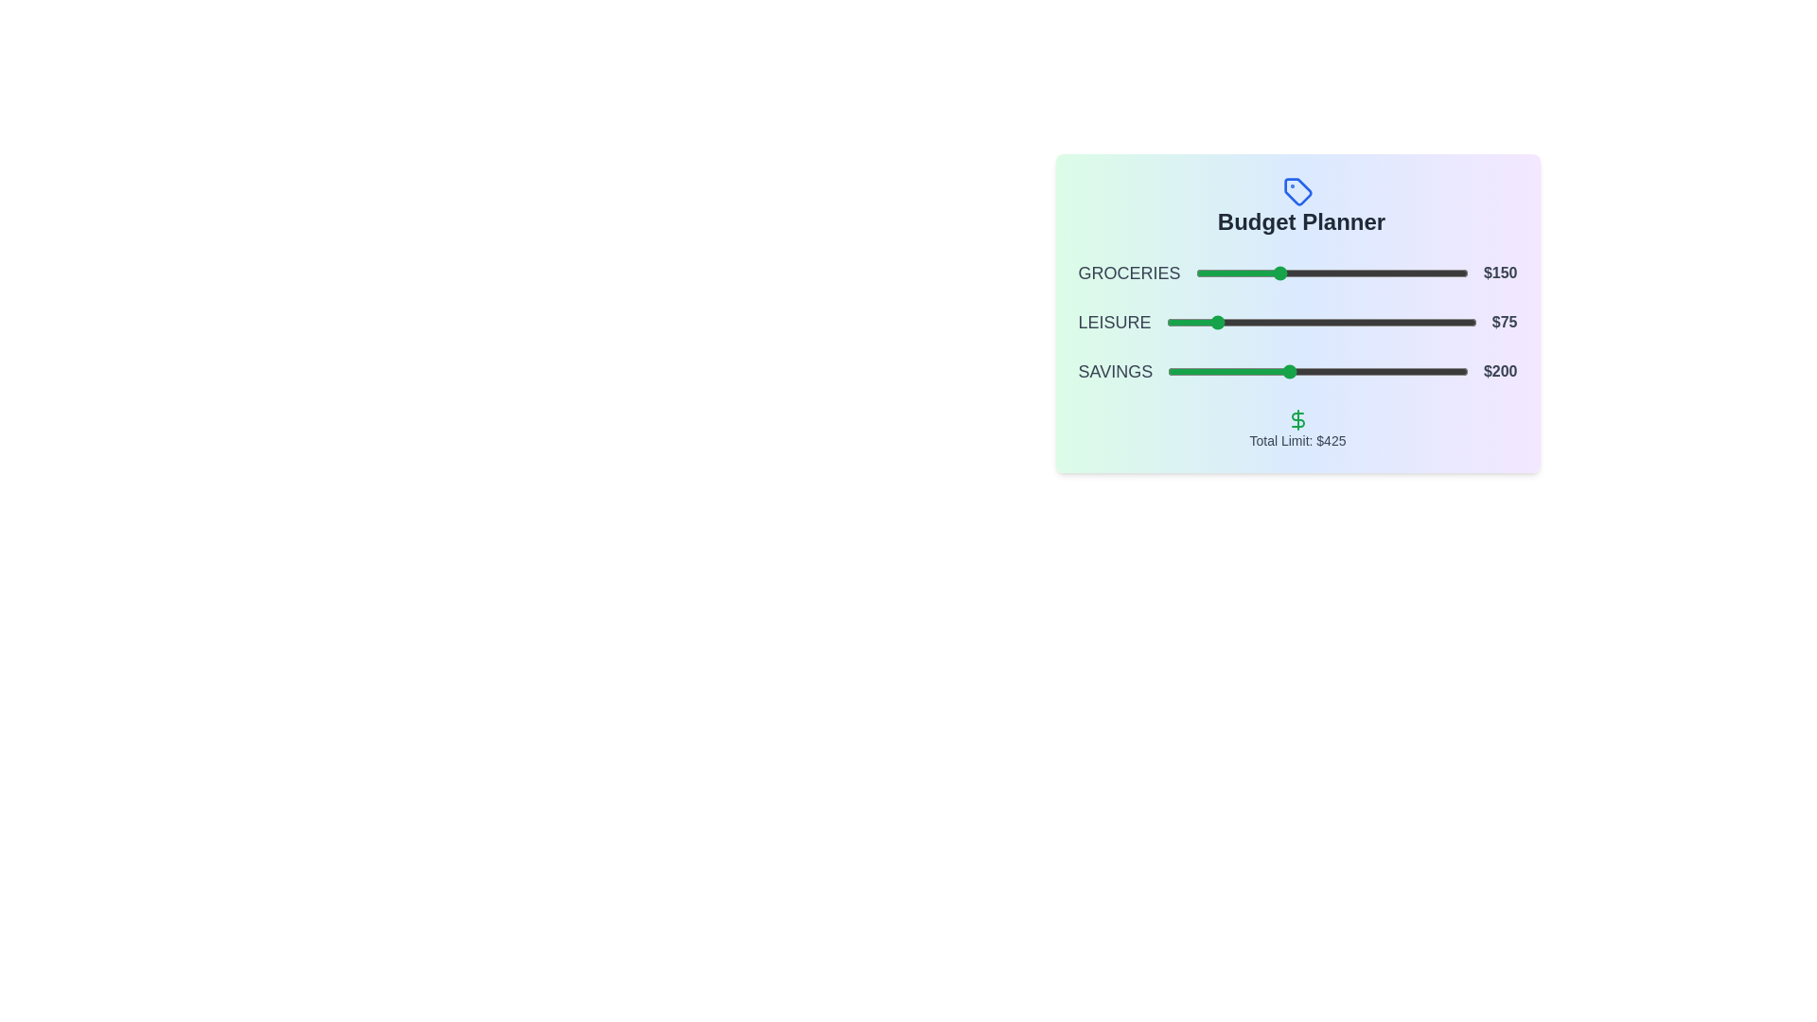 The image size is (1817, 1022). What do you see at coordinates (1217, 321) in the screenshot?
I see `the slider for 1 to 40` at bounding box center [1217, 321].